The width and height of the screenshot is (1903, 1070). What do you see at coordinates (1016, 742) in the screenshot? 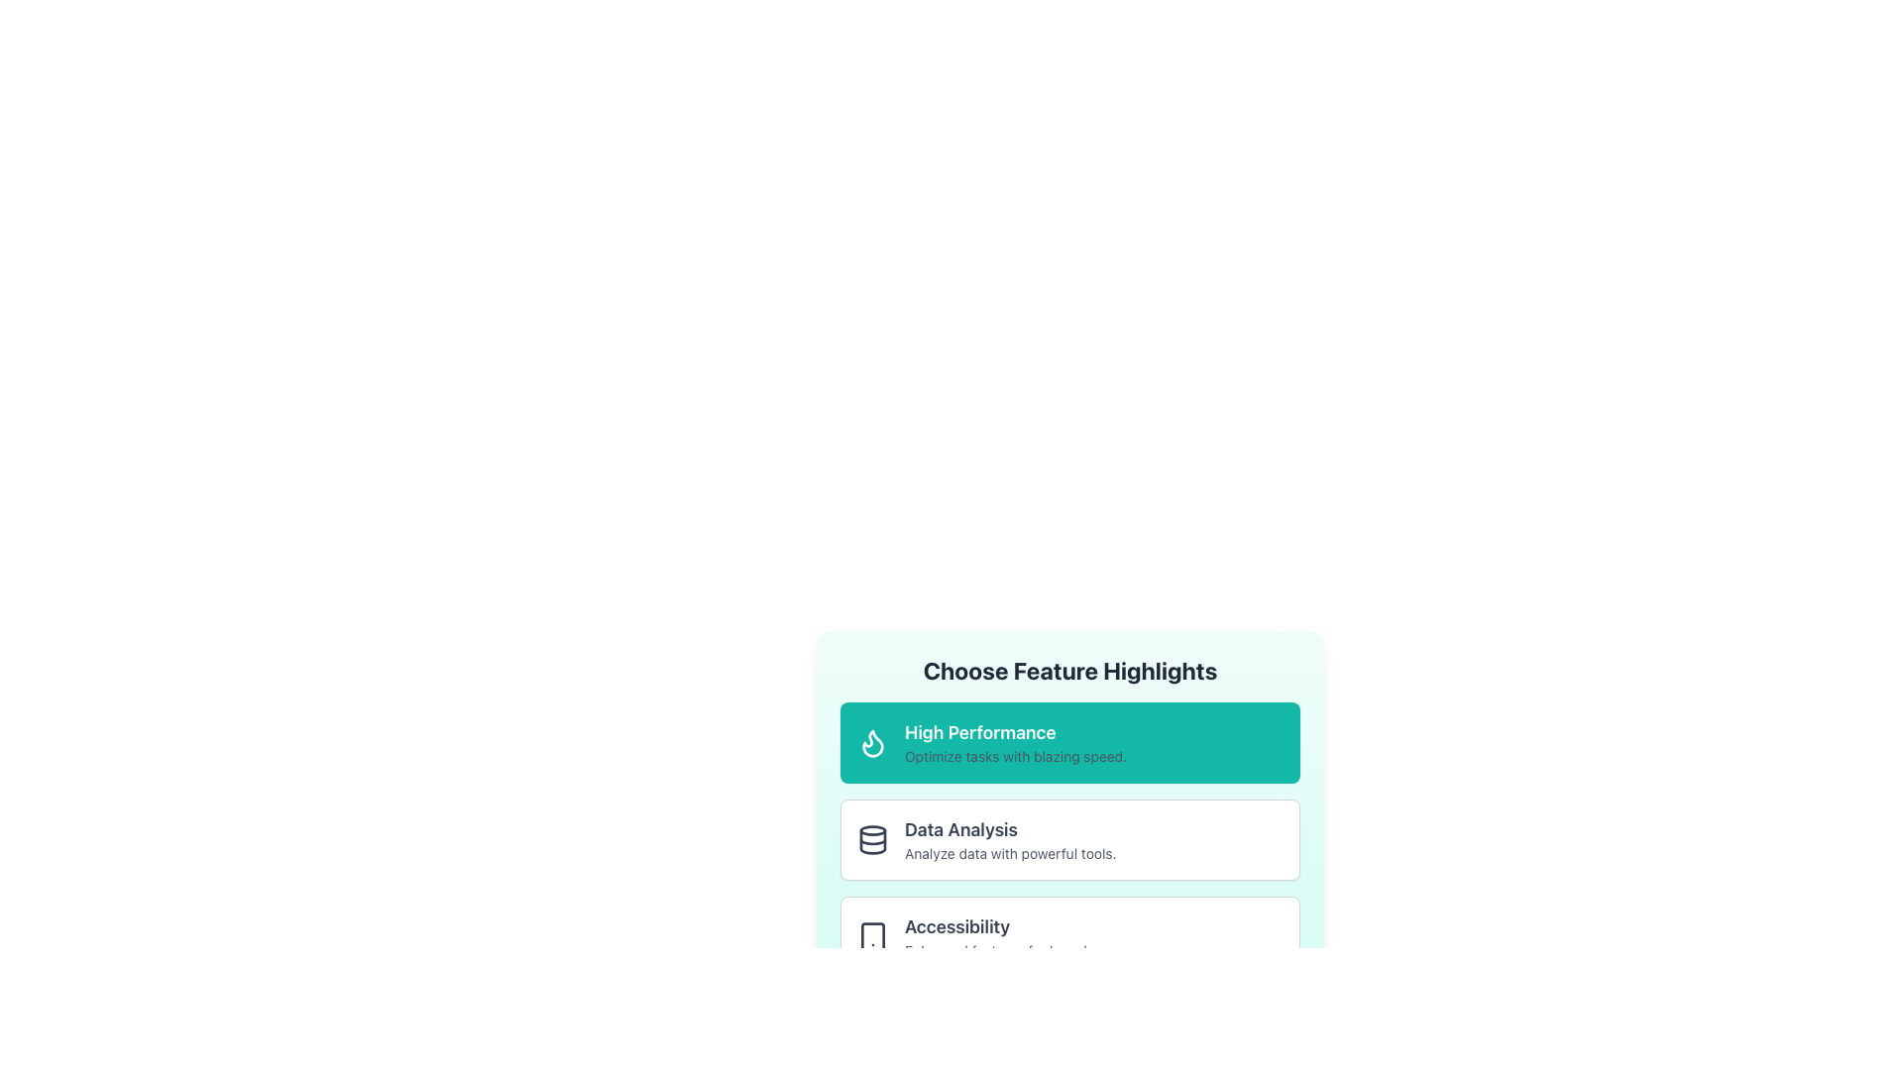
I see `informational text block describing the feature 'High Performance' located within a teal card near the top of the vertical stack of cards` at bounding box center [1016, 742].